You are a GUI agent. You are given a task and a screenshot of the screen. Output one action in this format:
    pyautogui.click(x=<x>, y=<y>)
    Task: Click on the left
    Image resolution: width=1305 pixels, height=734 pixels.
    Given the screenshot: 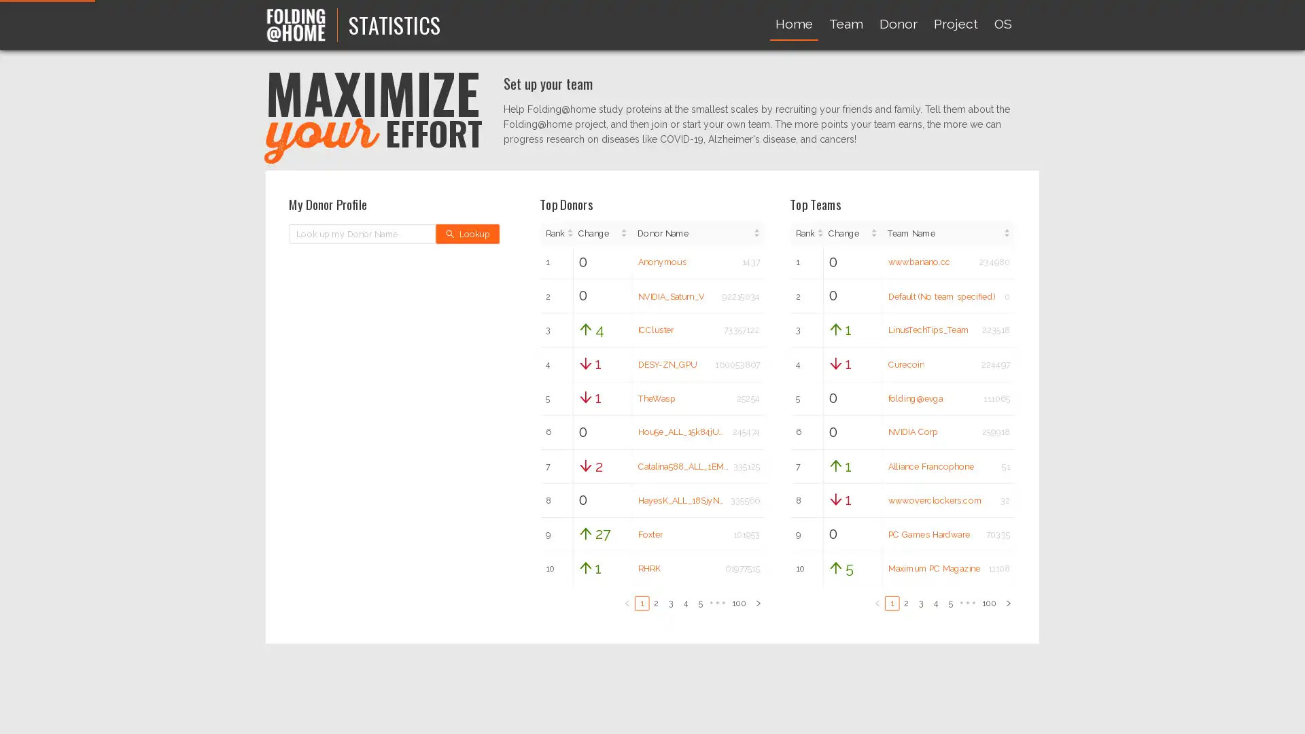 What is the action you would take?
    pyautogui.click(x=625, y=601)
    